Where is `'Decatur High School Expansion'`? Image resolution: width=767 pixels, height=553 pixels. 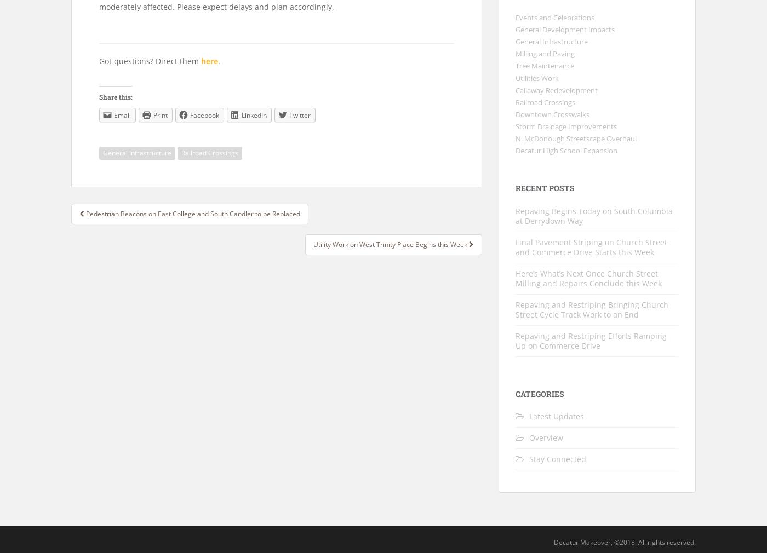
'Decatur High School Expansion' is located at coordinates (566, 151).